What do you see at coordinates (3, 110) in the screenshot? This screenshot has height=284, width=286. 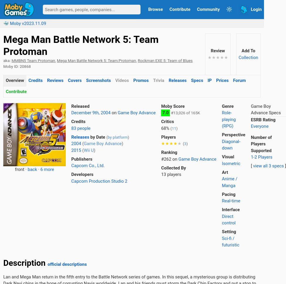 I see `'IGN'` at bounding box center [3, 110].